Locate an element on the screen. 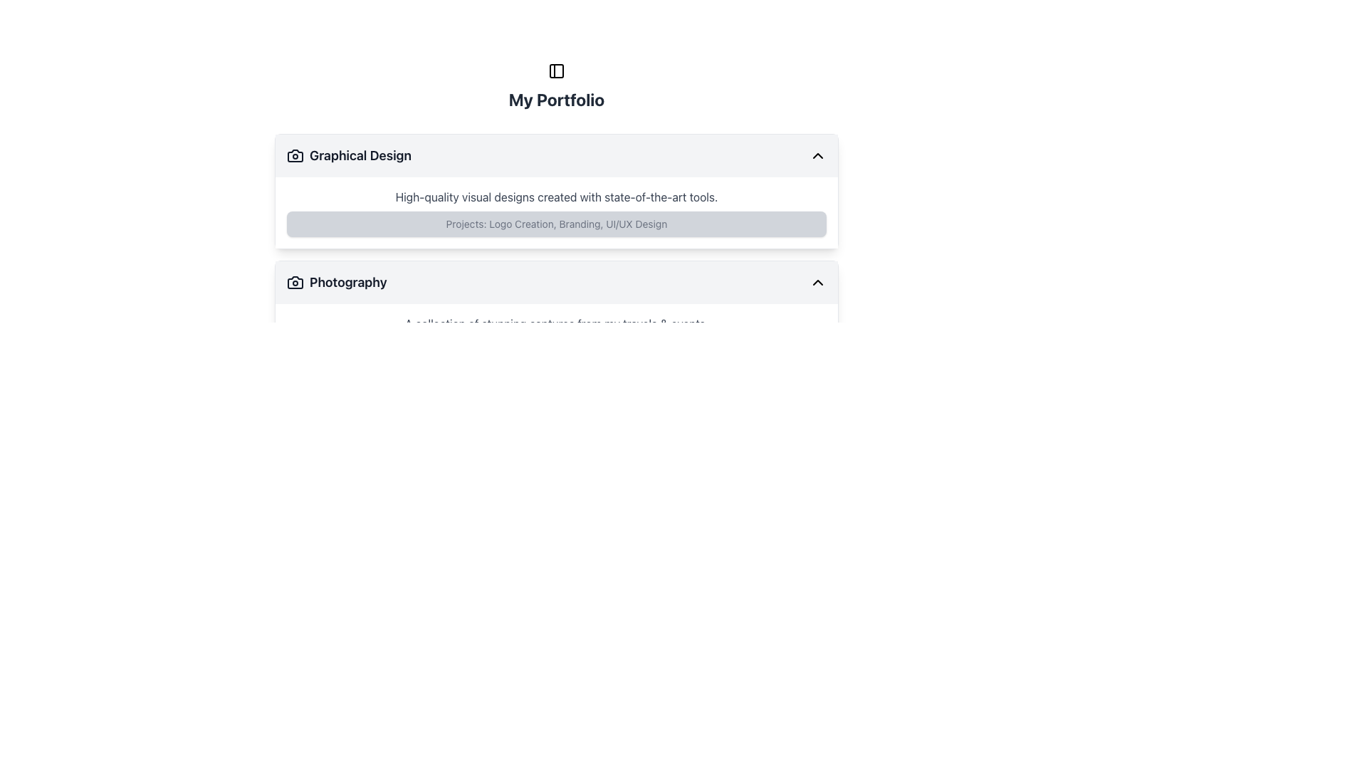 This screenshot has width=1367, height=769. the text label displaying 'Projects: Logo Creation, Branding, UI/UX Design', which is styled in gray and located under the 'Graphical Design' heading in the 'My Portfolio' section is located at coordinates (556, 224).